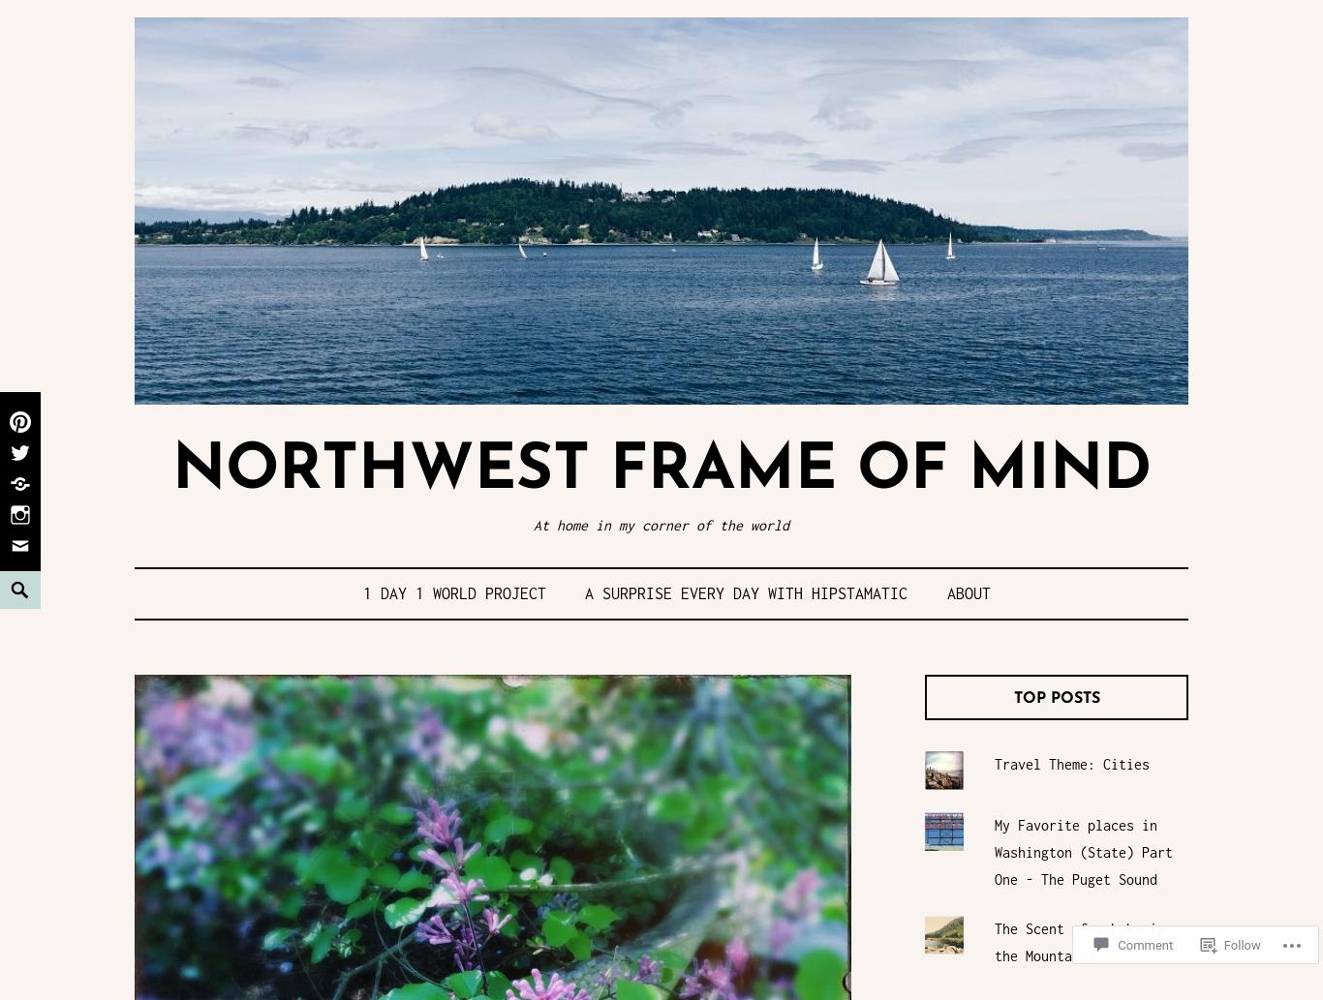 The width and height of the screenshot is (1323, 1000). Describe the element at coordinates (1120, 940) in the screenshot. I see `'Comment'` at that location.